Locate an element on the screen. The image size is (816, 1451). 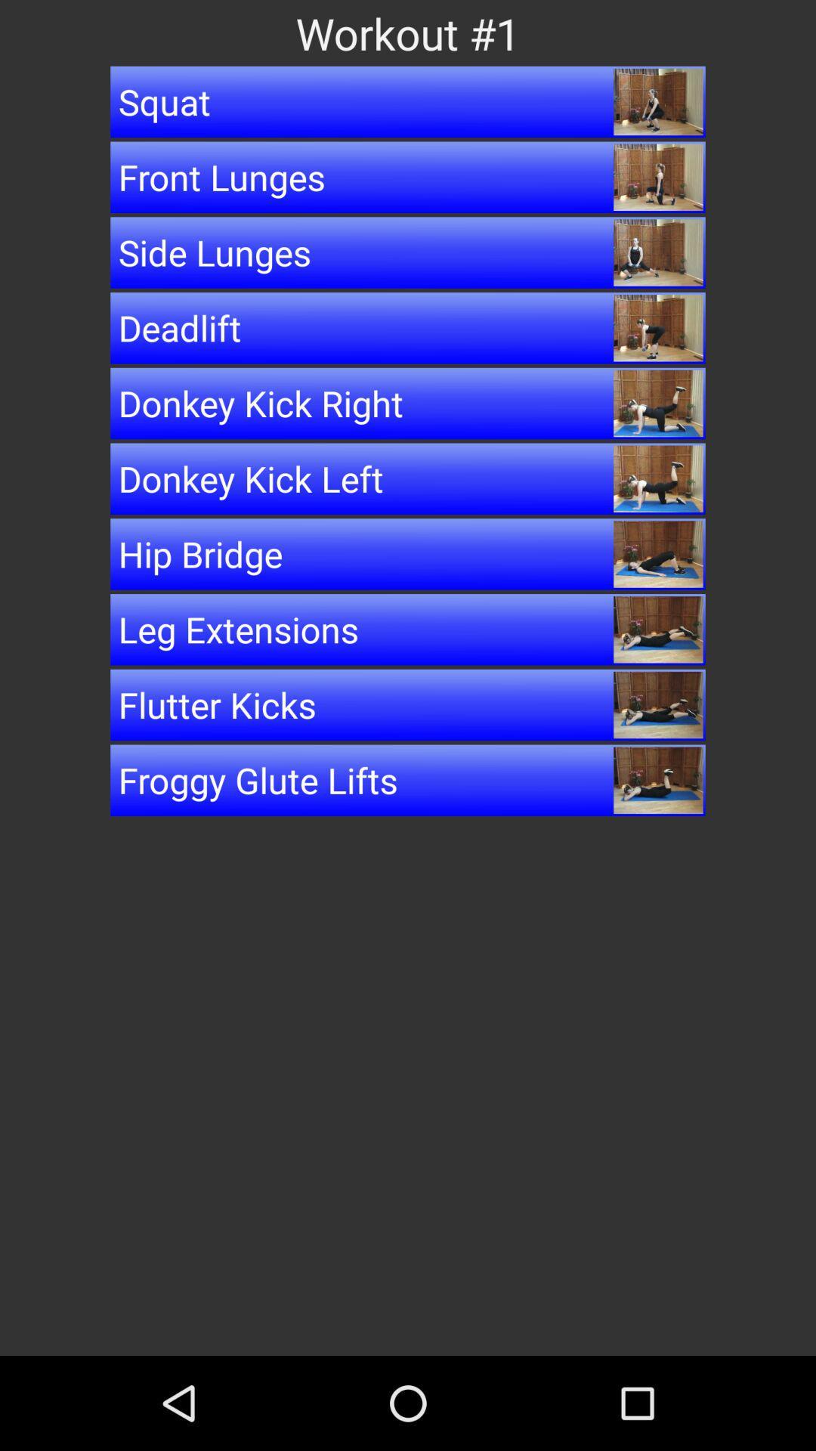
the froggy glute lifts button is located at coordinates (408, 780).